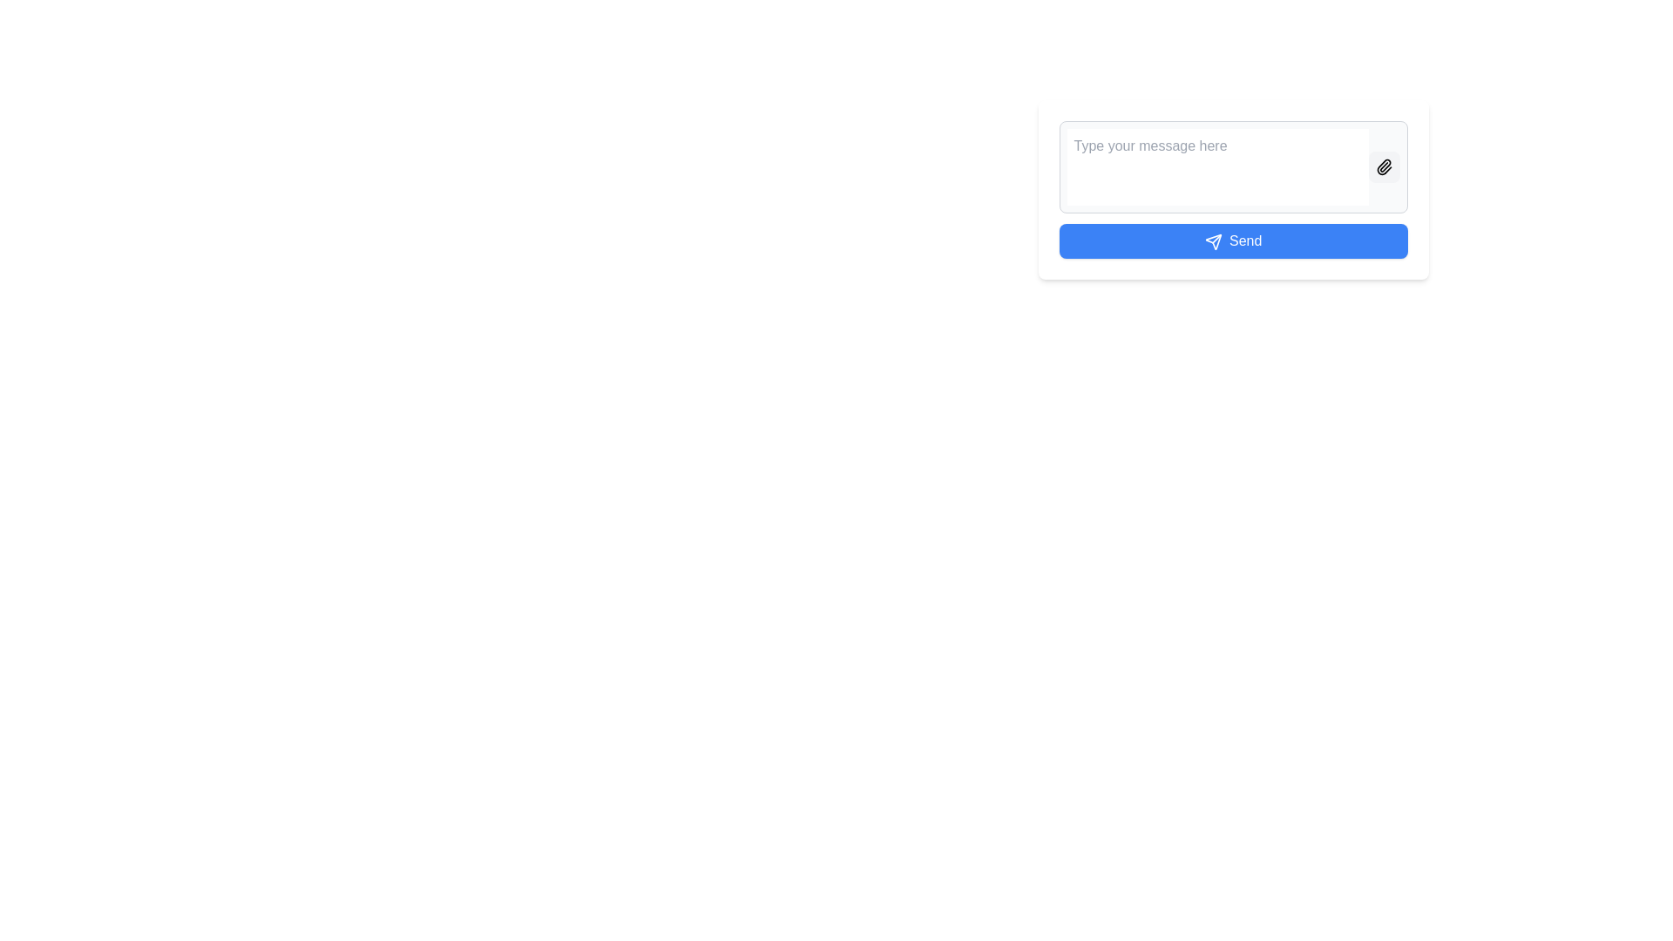 The height and width of the screenshot is (941, 1673). What do you see at coordinates (1383, 167) in the screenshot?
I see `the rounded square-shaped button with a light gray background and a black paperclip icon to attach a file` at bounding box center [1383, 167].